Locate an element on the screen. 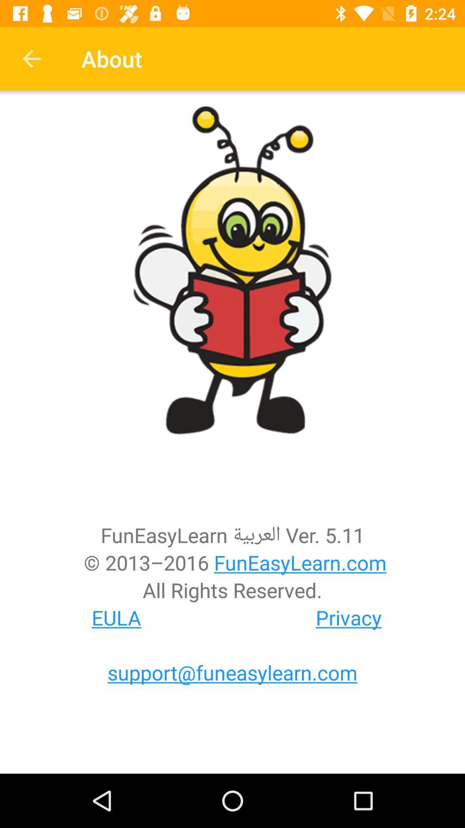 The image size is (465, 828). eula at the bottom left corner is located at coordinates (116, 617).